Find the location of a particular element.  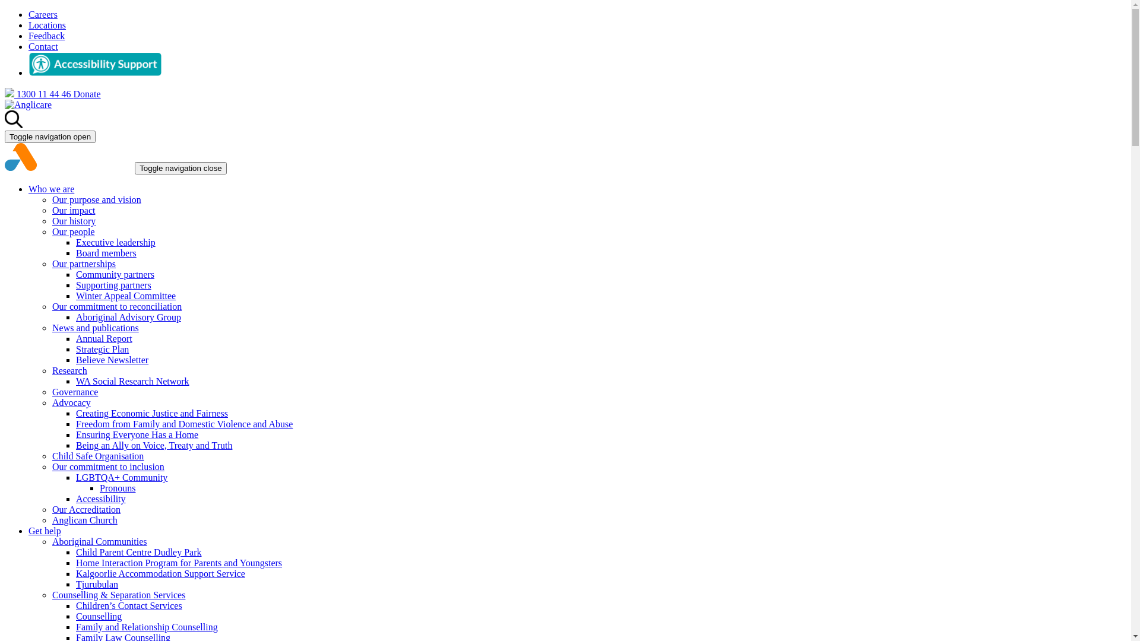

'Our commitment to reconciliation' is located at coordinates (116, 306).